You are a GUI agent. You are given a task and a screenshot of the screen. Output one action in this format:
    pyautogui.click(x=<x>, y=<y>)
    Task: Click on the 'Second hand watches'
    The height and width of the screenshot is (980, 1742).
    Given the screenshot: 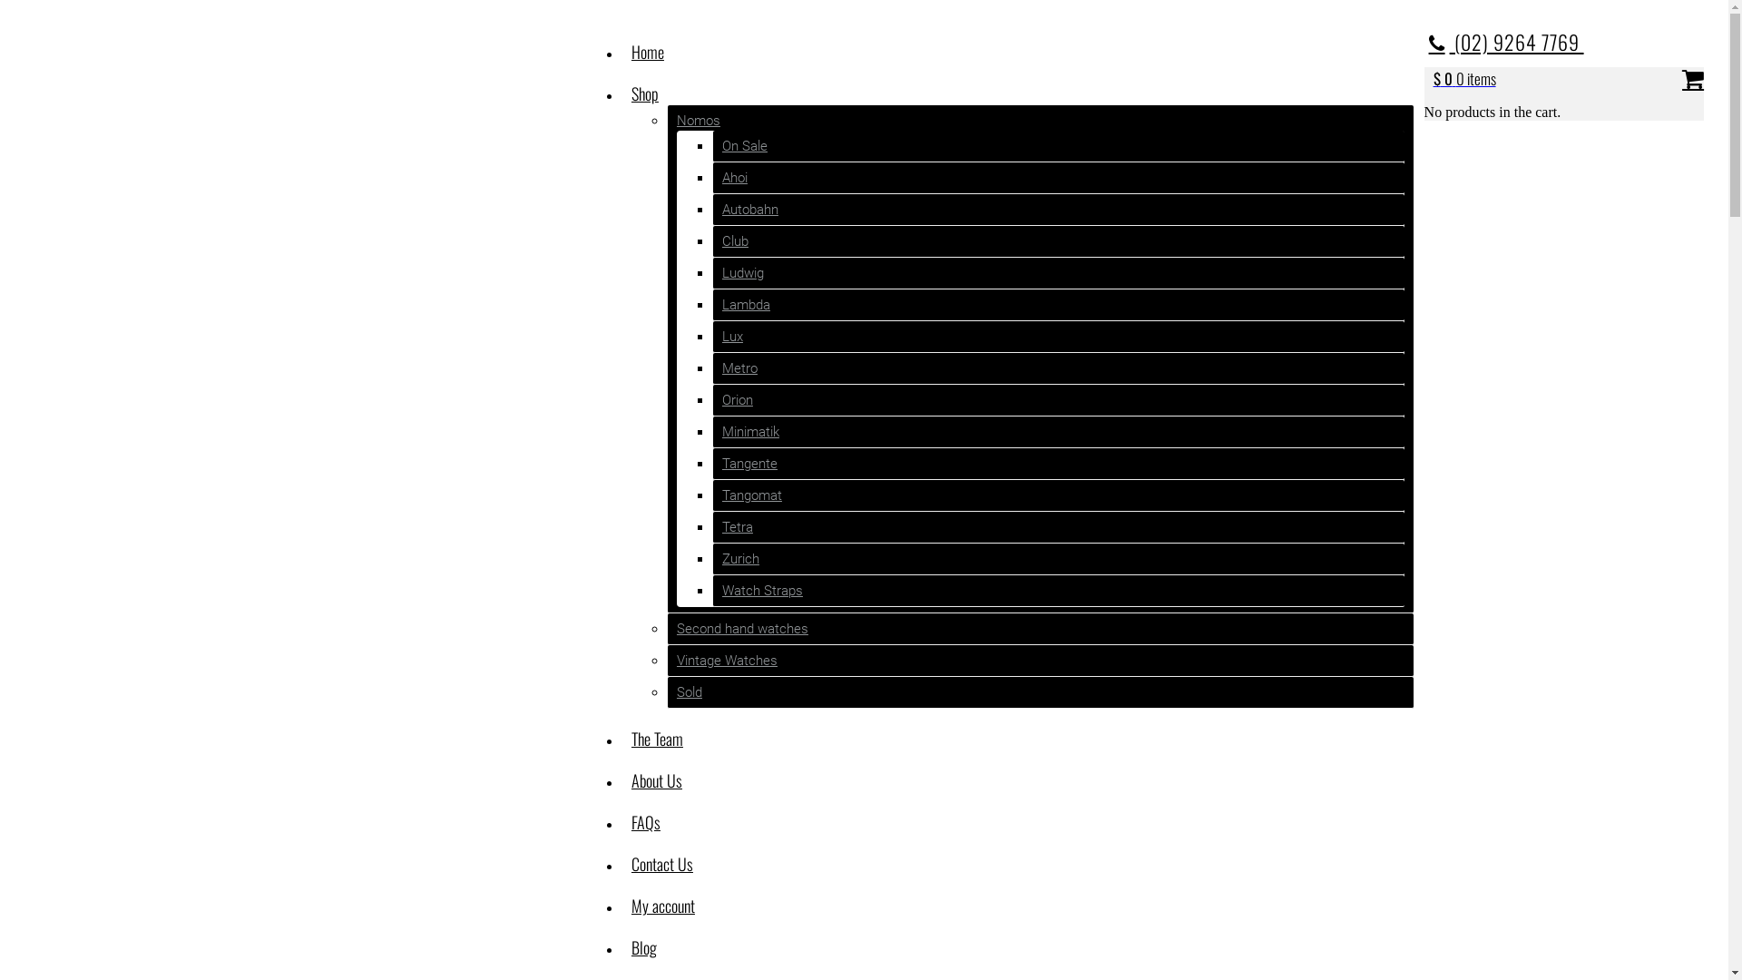 What is the action you would take?
    pyautogui.click(x=742, y=628)
    